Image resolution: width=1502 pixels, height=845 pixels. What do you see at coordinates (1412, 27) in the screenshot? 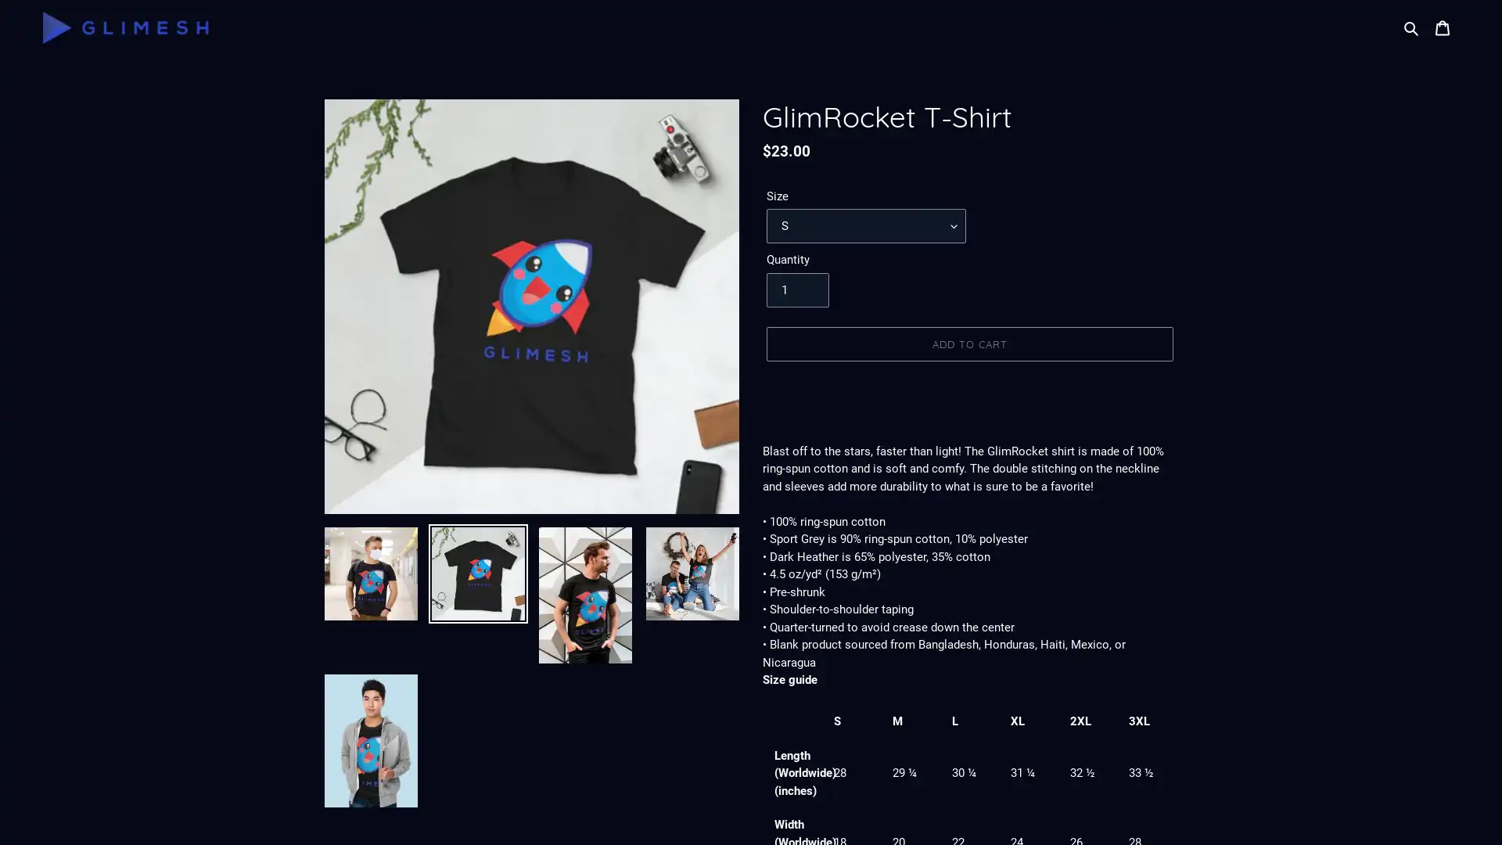
I see `Search` at bounding box center [1412, 27].